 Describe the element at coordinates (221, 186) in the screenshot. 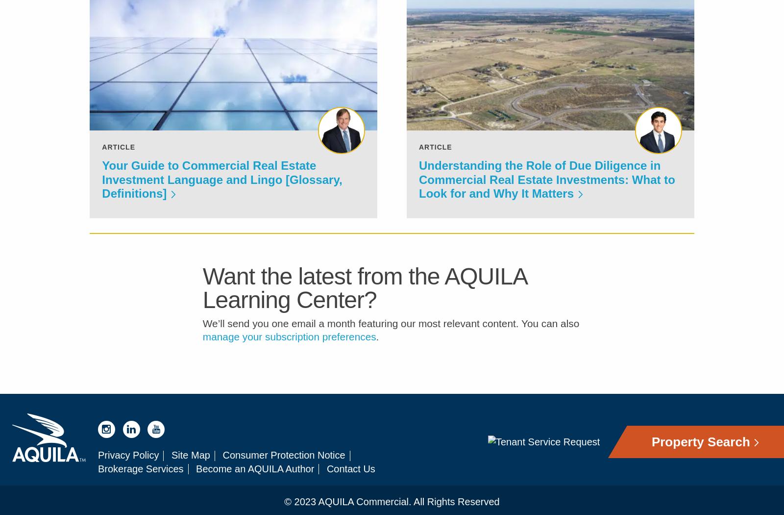

I see `'Your Guide to Commercial Real Estate Investment Language and Lingo [Glossary, Definitions]'` at that location.